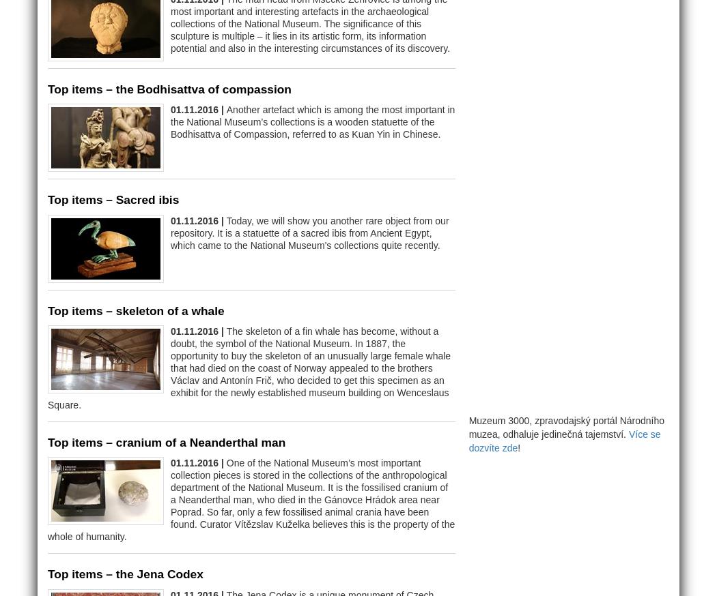 The width and height of the screenshot is (717, 596). Describe the element at coordinates (566, 426) in the screenshot. I see `'Muzeum 3000, zpravodajský portál Národního muzea, odhaluje jedinečná tajemství.'` at that location.